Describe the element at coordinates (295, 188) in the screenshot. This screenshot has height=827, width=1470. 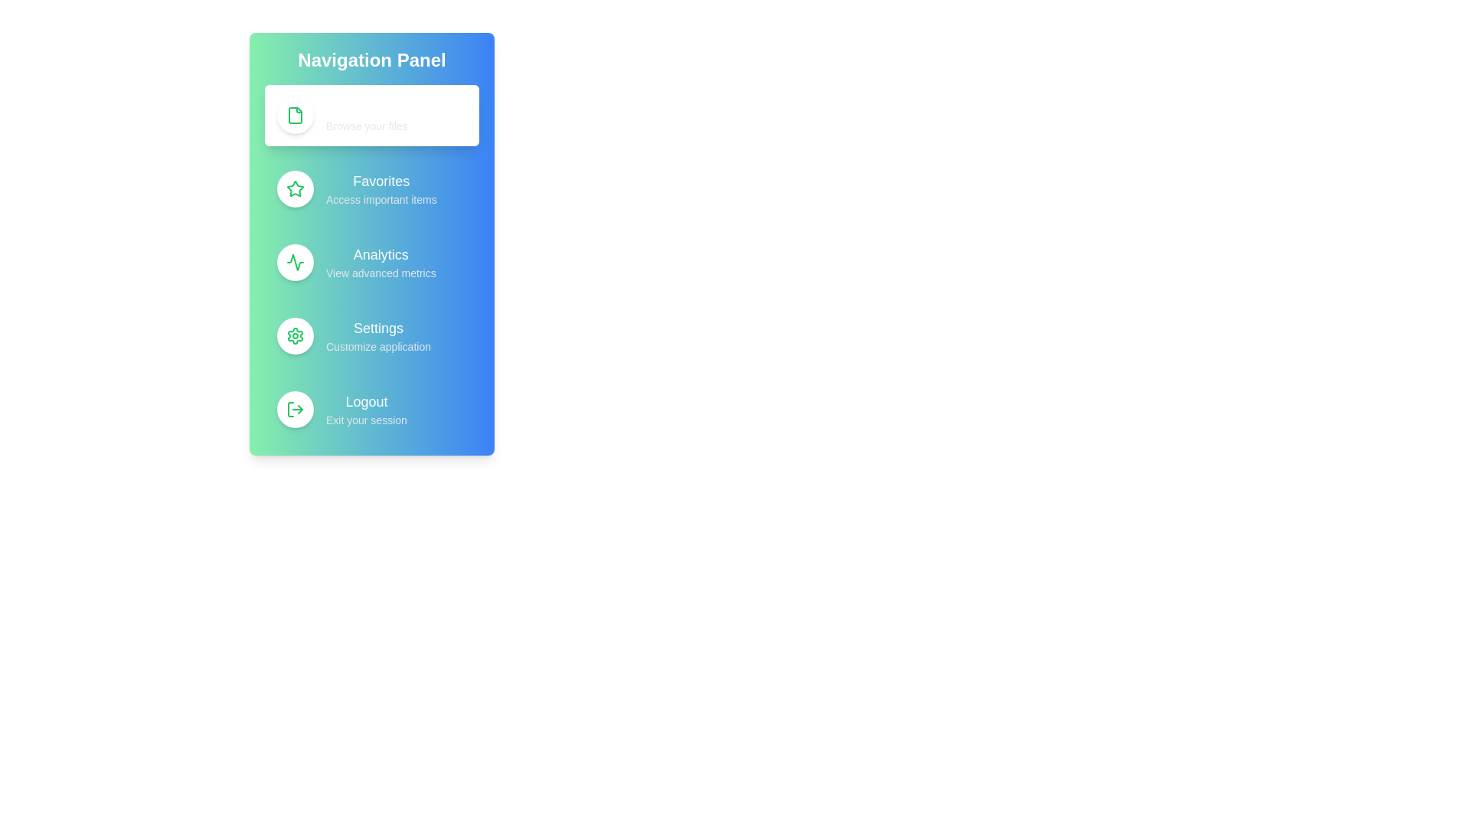
I see `the icon for Favorites` at that location.